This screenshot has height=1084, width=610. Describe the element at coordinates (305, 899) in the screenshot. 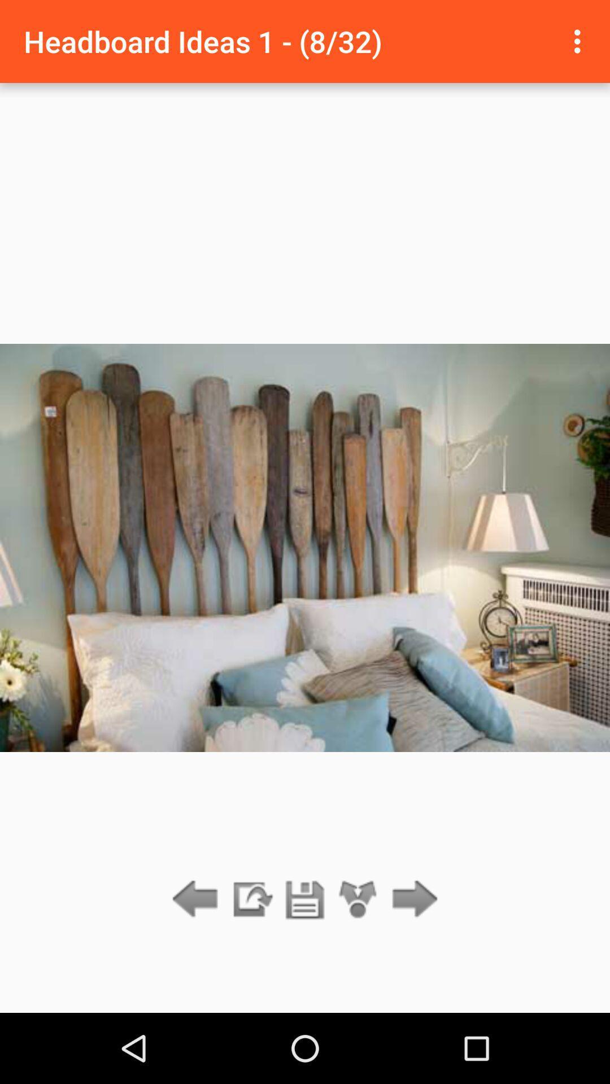

I see `image` at that location.